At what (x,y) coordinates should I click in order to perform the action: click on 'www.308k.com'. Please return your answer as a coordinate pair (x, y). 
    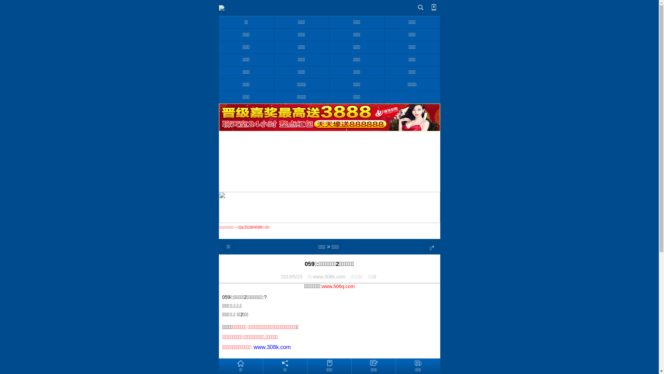
    Looking at the image, I should click on (272, 347).